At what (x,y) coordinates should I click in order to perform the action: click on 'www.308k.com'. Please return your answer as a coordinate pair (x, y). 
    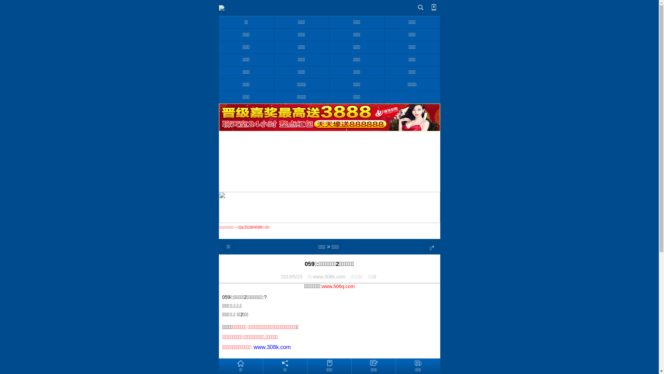
    Looking at the image, I should click on (272, 347).